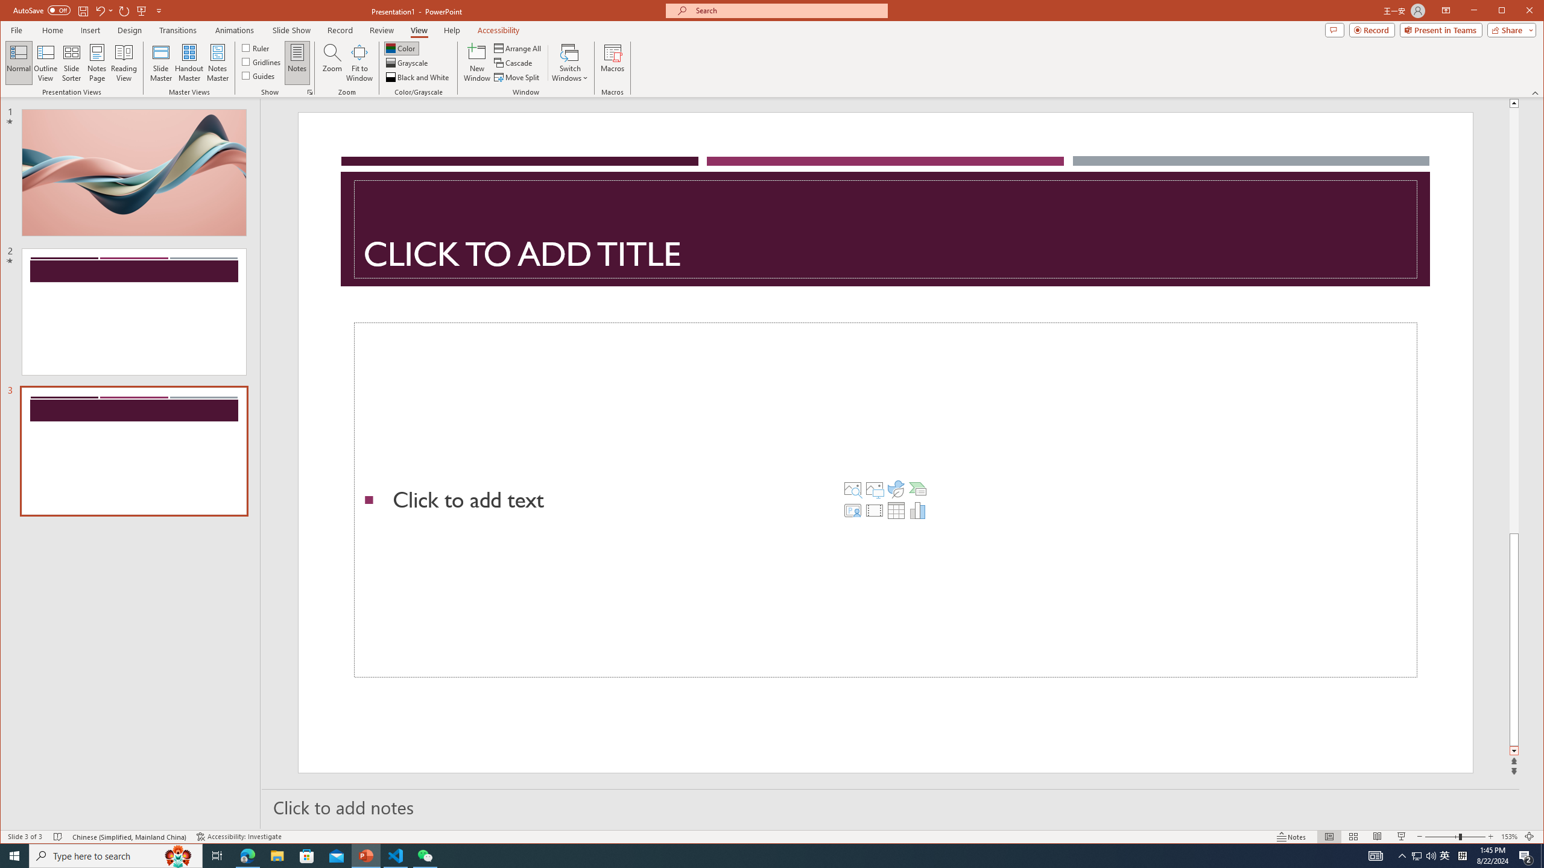 The width and height of the screenshot is (1544, 868). Describe the element at coordinates (189, 62) in the screenshot. I see `'Handout Master'` at that location.